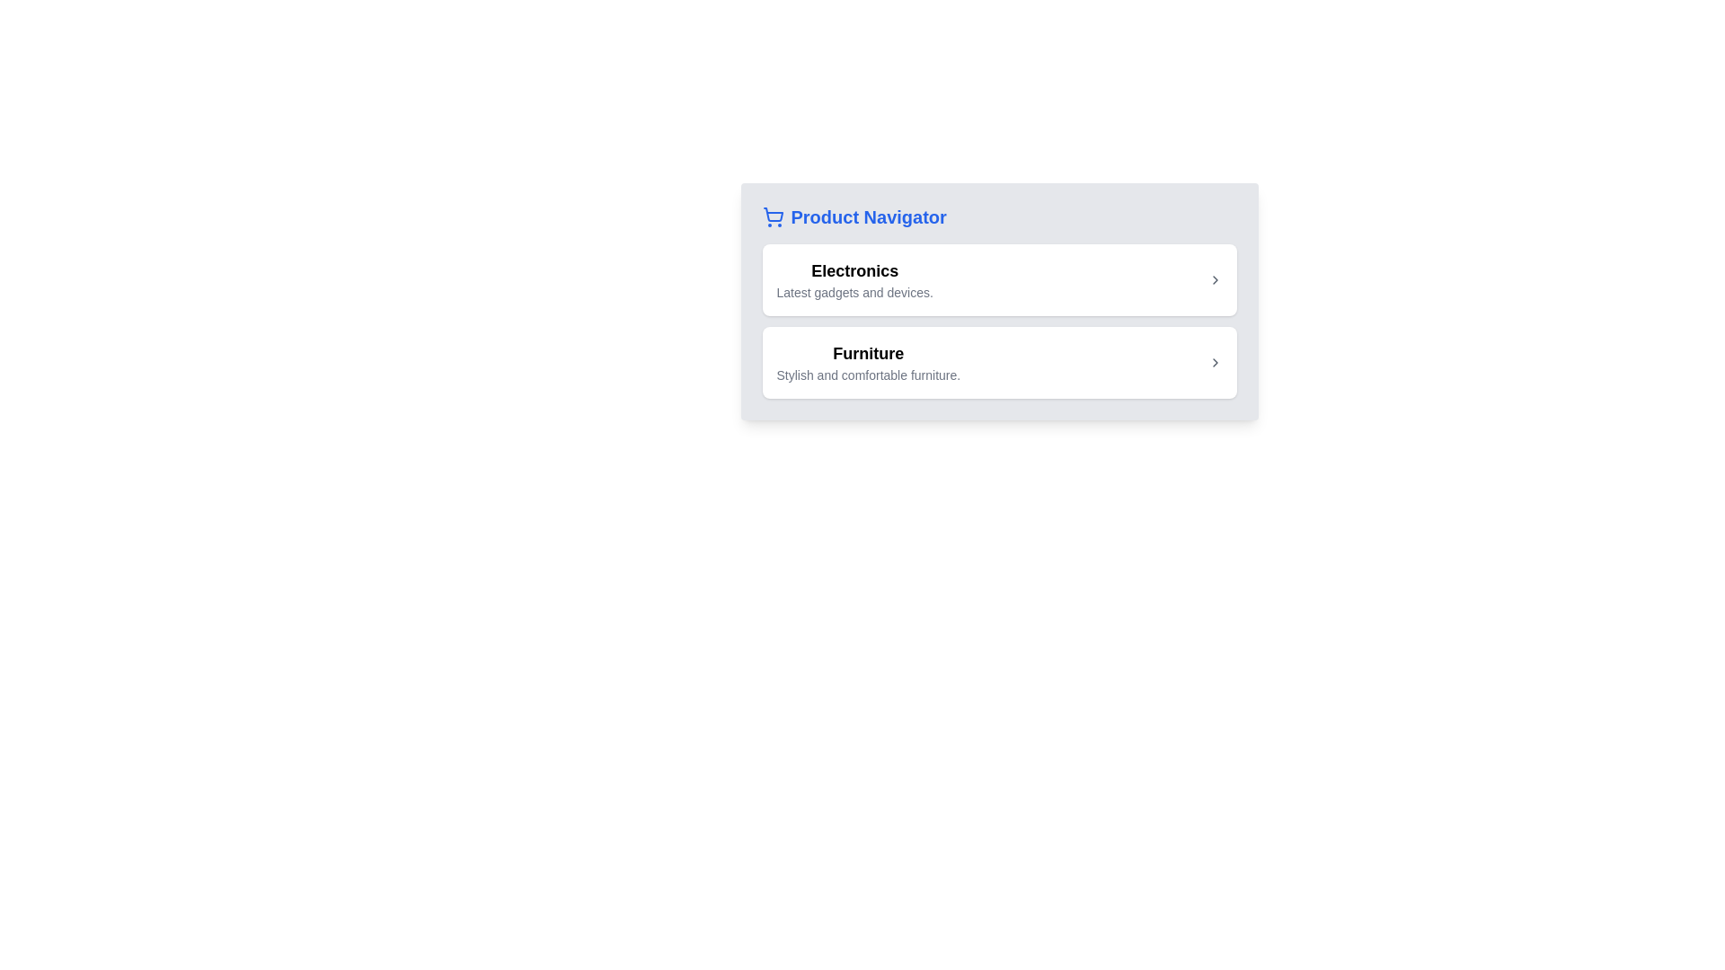 The image size is (1725, 970). Describe the element at coordinates (1215, 363) in the screenshot. I see `the rightward chevron icon in gray located at the end of the 'Furniture' card` at that location.